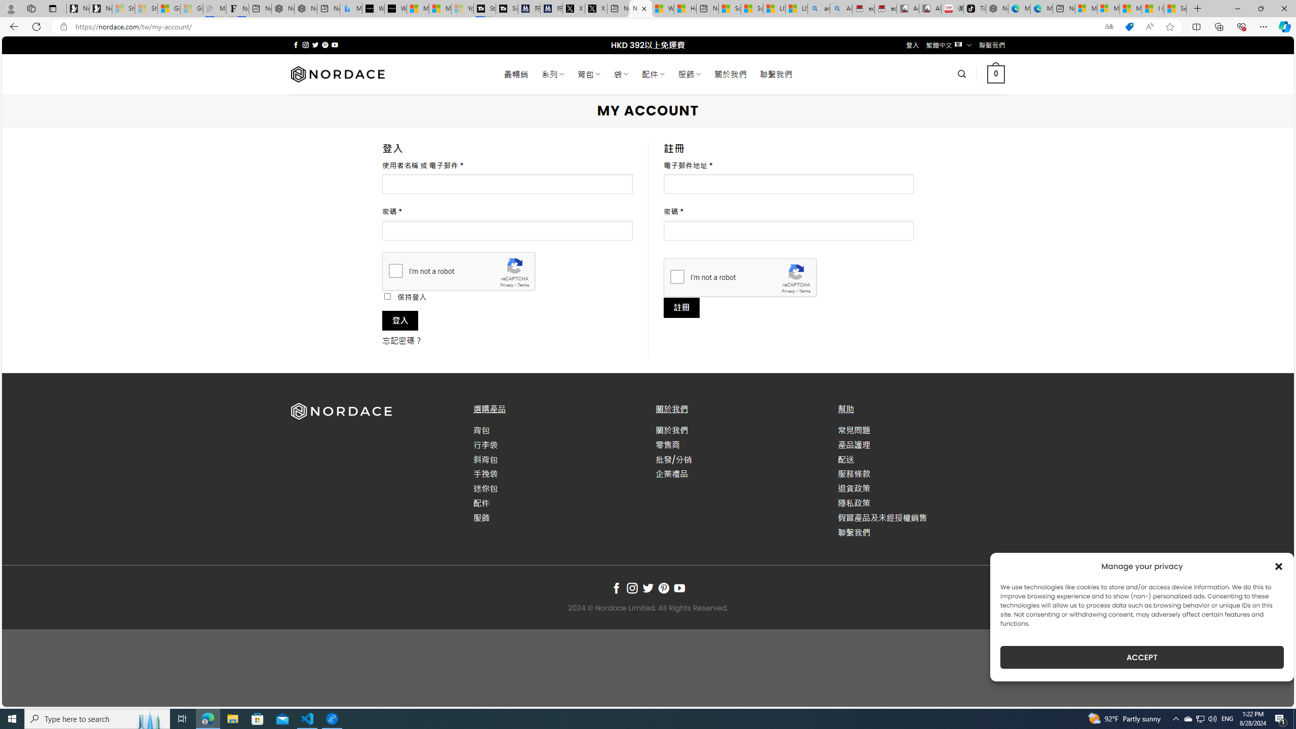 Image resolution: width=1296 pixels, height=729 pixels. Describe the element at coordinates (677, 276) in the screenshot. I see `'I'` at that location.